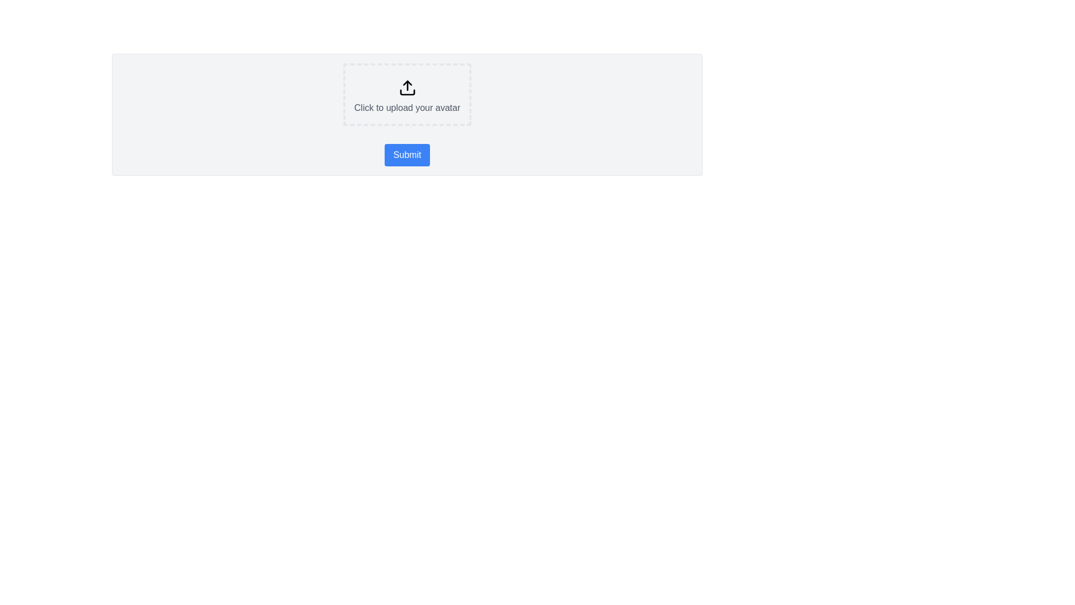 Image resolution: width=1075 pixels, height=605 pixels. I want to click on the horizontal line graphic element with a rectangular structure, which is part of the SVG icon for uploading an avatar, positioned at the center of the dotted rectangular area, so click(406, 92).